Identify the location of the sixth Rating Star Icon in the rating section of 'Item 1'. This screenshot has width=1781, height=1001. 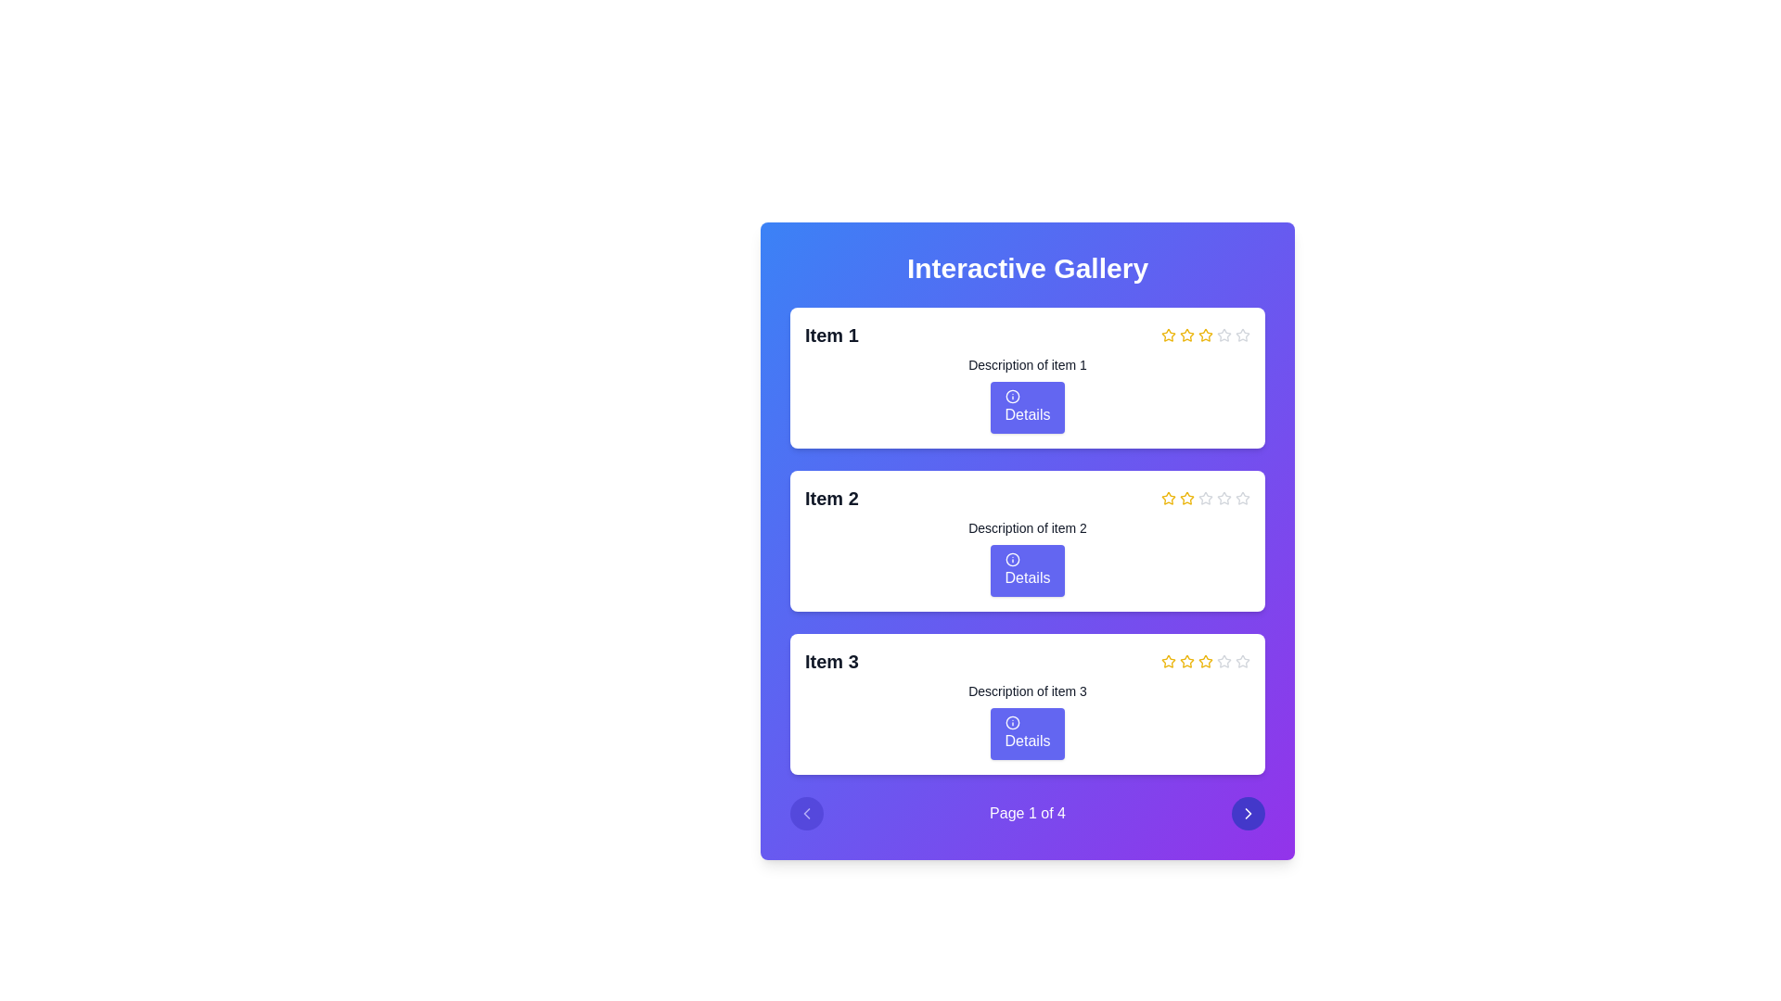
(1224, 336).